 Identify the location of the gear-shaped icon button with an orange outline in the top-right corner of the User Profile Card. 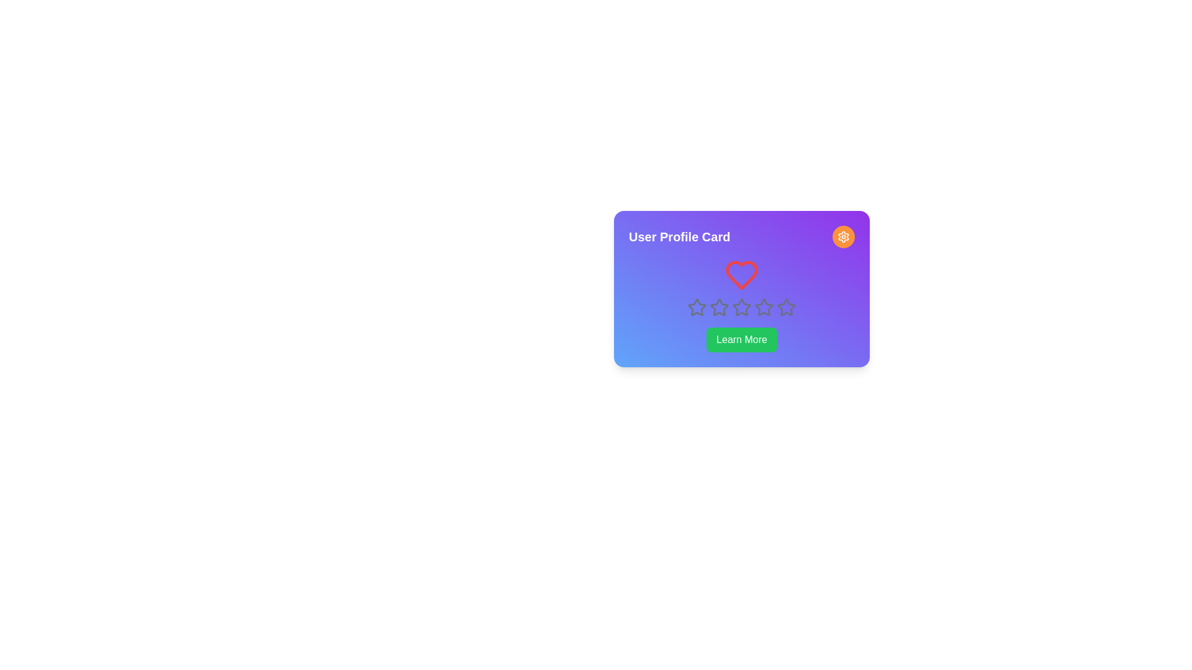
(843, 236).